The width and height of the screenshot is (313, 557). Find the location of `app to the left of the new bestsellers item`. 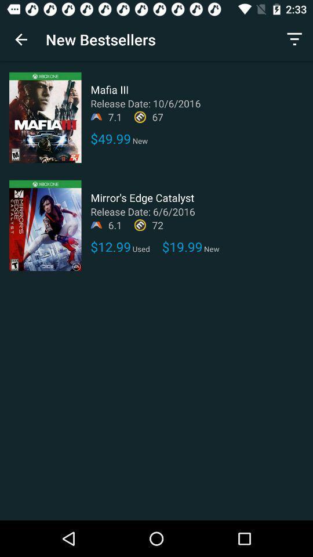

app to the left of the new bestsellers item is located at coordinates (21, 39).